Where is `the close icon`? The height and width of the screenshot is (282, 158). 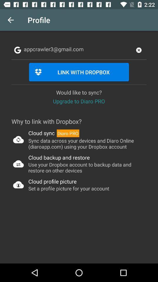
the close icon is located at coordinates (138, 50).